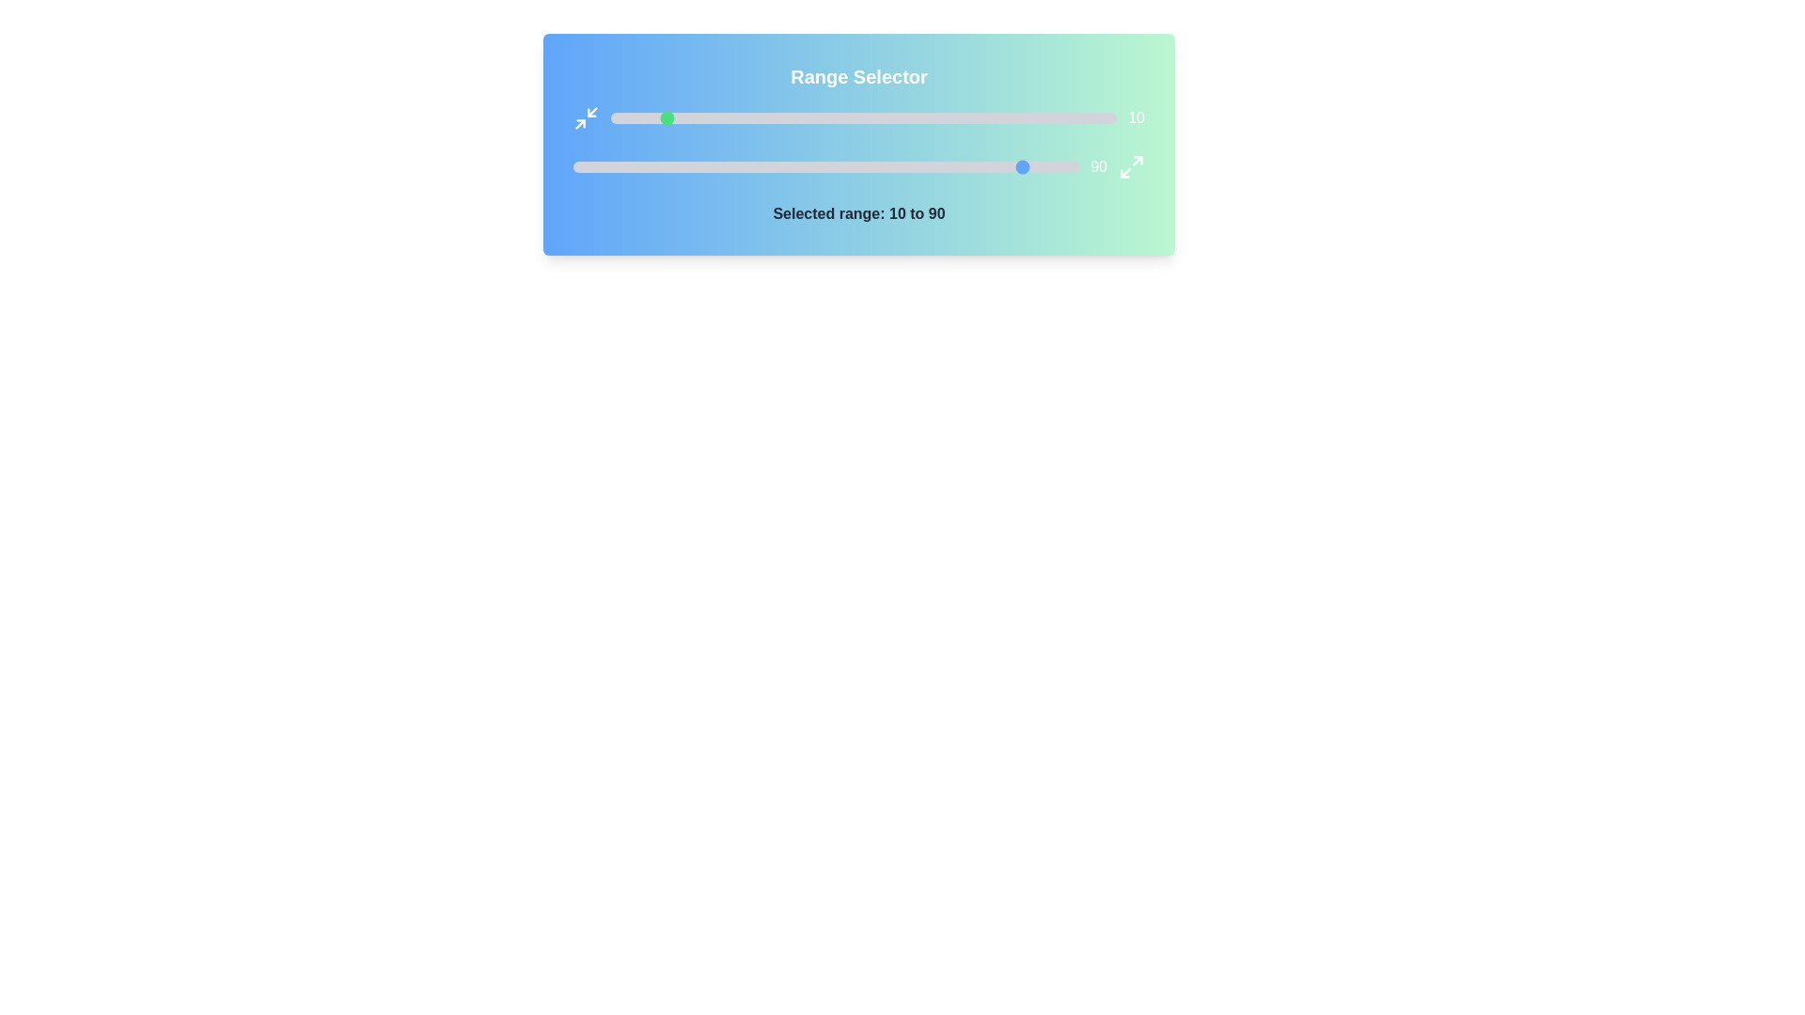 The image size is (1805, 1015). I want to click on the slider, so click(924, 118).